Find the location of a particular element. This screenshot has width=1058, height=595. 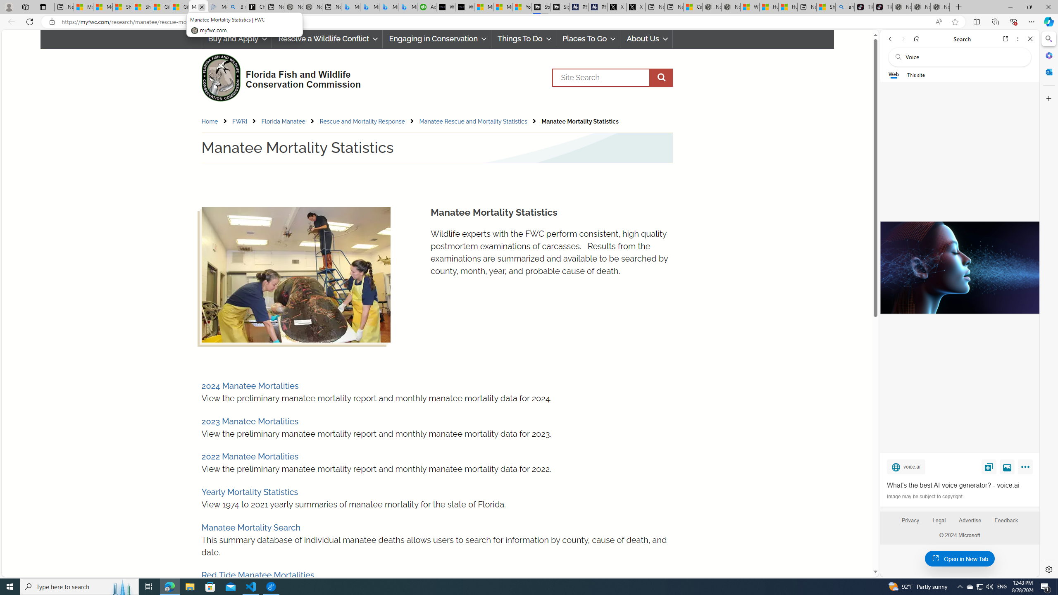

'Outlook' is located at coordinates (1048, 71).